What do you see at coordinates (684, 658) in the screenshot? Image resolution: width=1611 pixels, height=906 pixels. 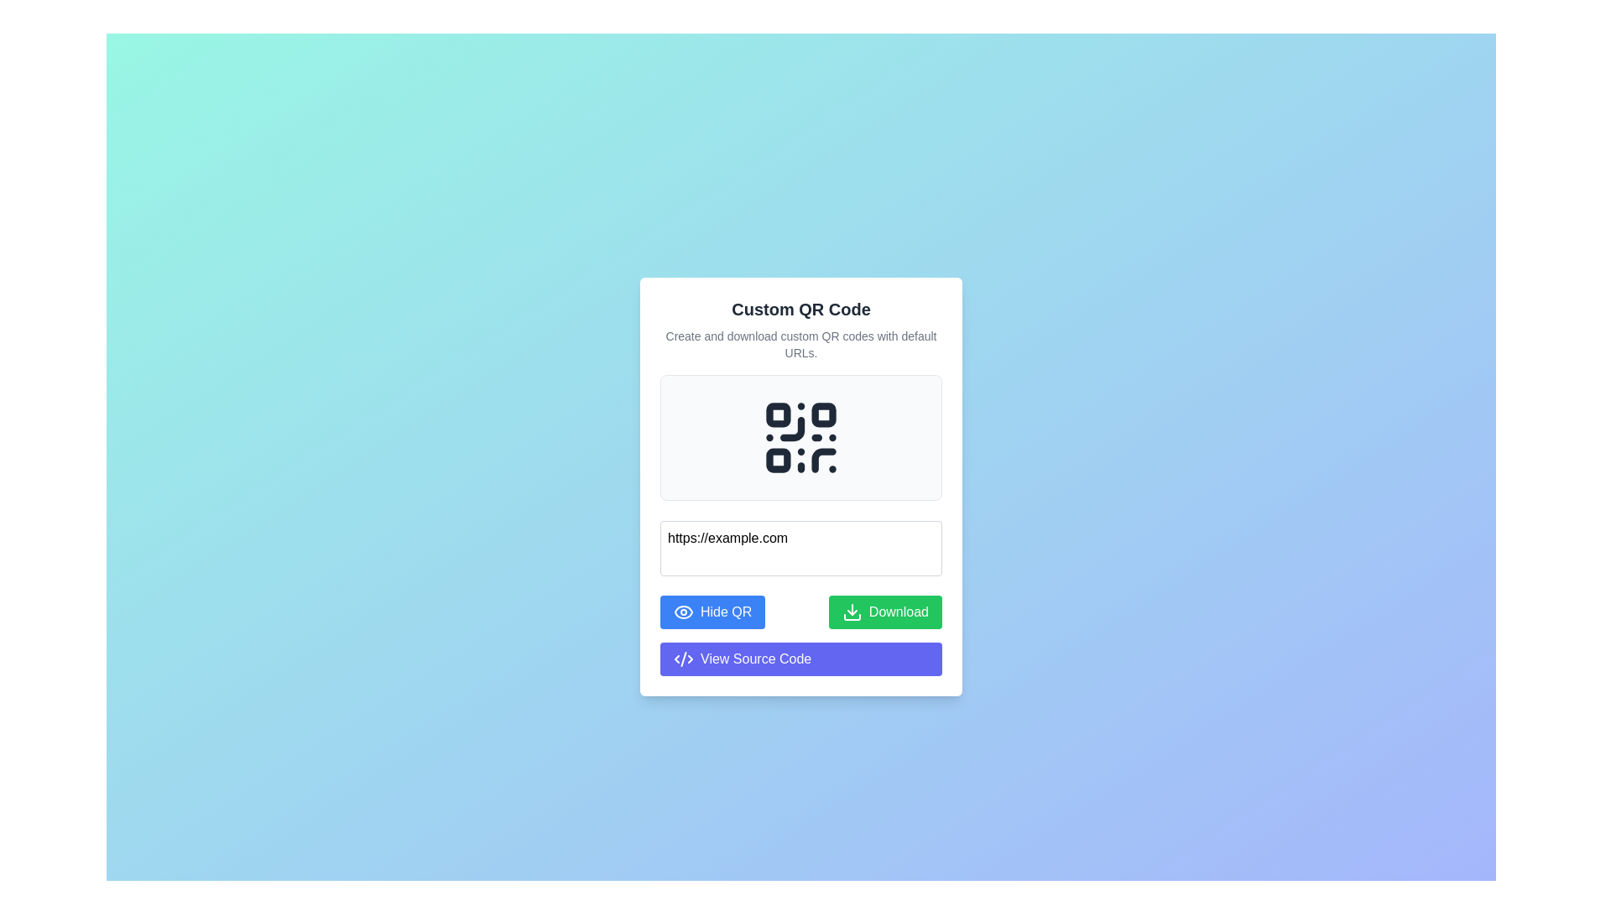 I see `the compact icon with a central vertical line and diagonal arrows, located within the 'View Source Code' button at the bottom of the card interface` at bounding box center [684, 658].